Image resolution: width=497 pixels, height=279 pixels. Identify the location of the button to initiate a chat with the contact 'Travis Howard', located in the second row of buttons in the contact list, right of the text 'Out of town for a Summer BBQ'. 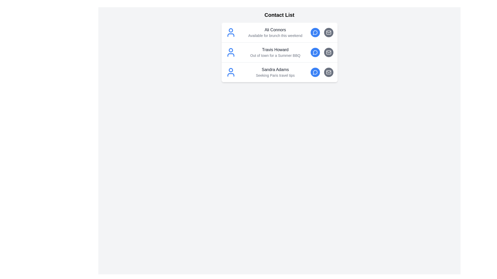
(315, 52).